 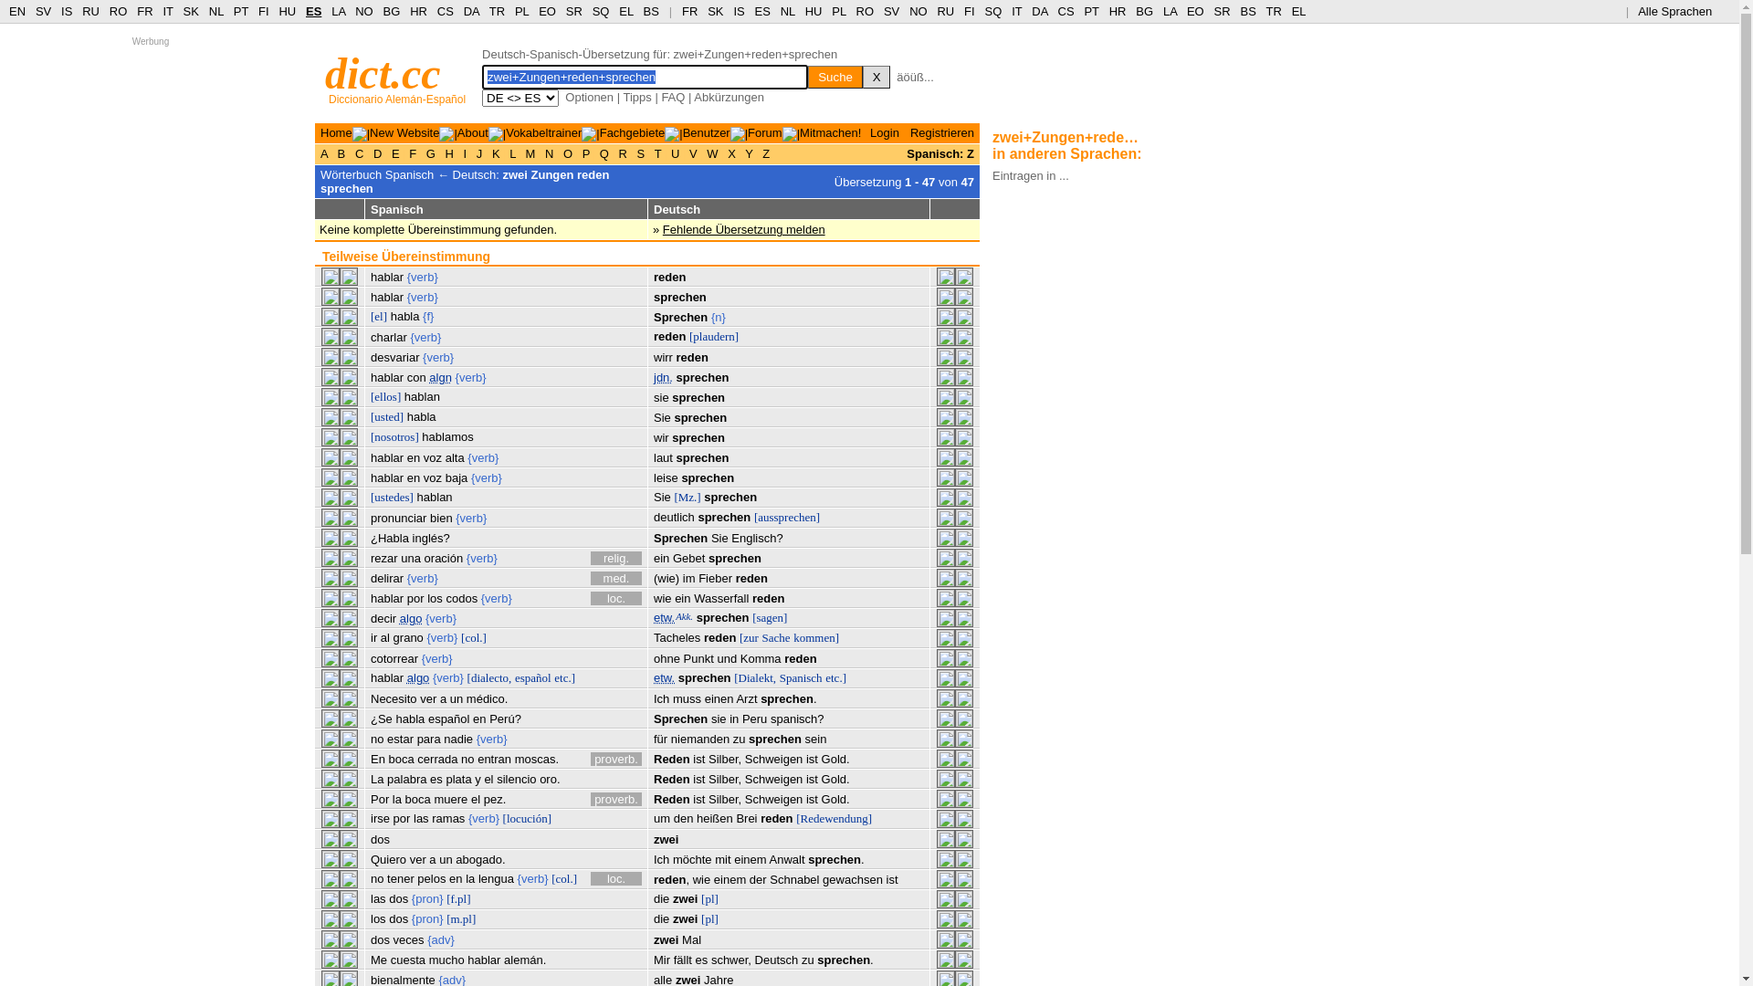 What do you see at coordinates (721, 859) in the screenshot?
I see `'mit'` at bounding box center [721, 859].